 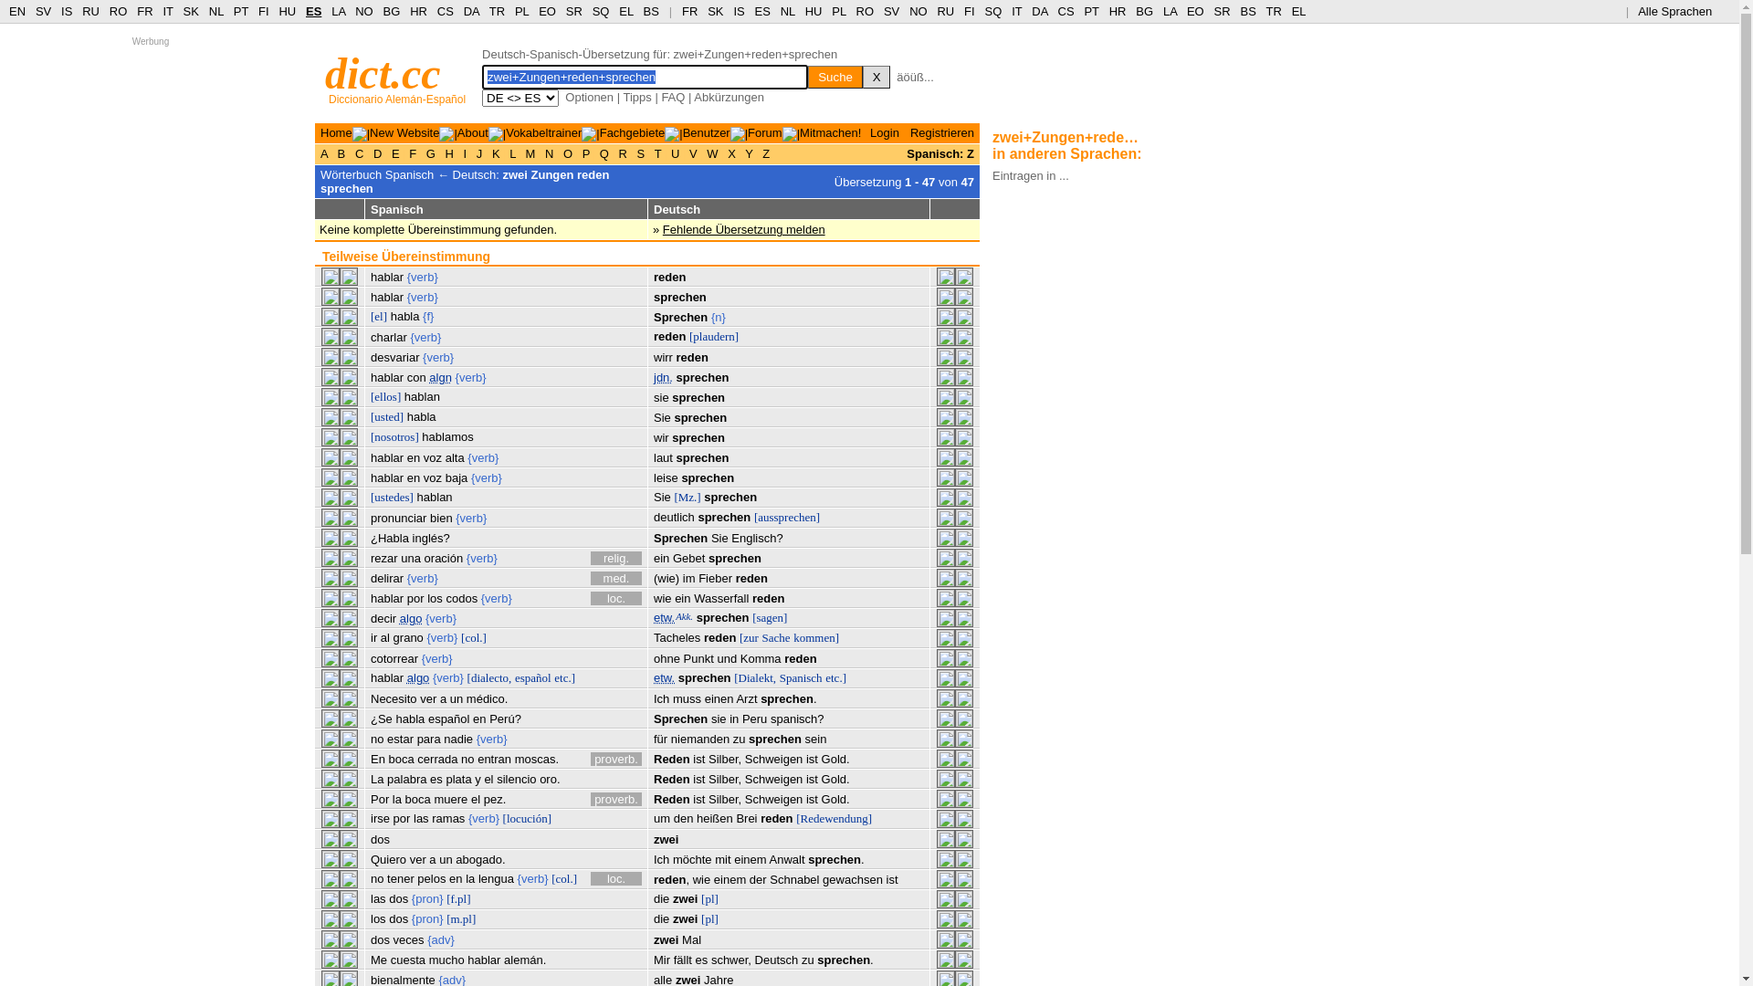 What do you see at coordinates (721, 859) in the screenshot?
I see `'mit'` at bounding box center [721, 859].